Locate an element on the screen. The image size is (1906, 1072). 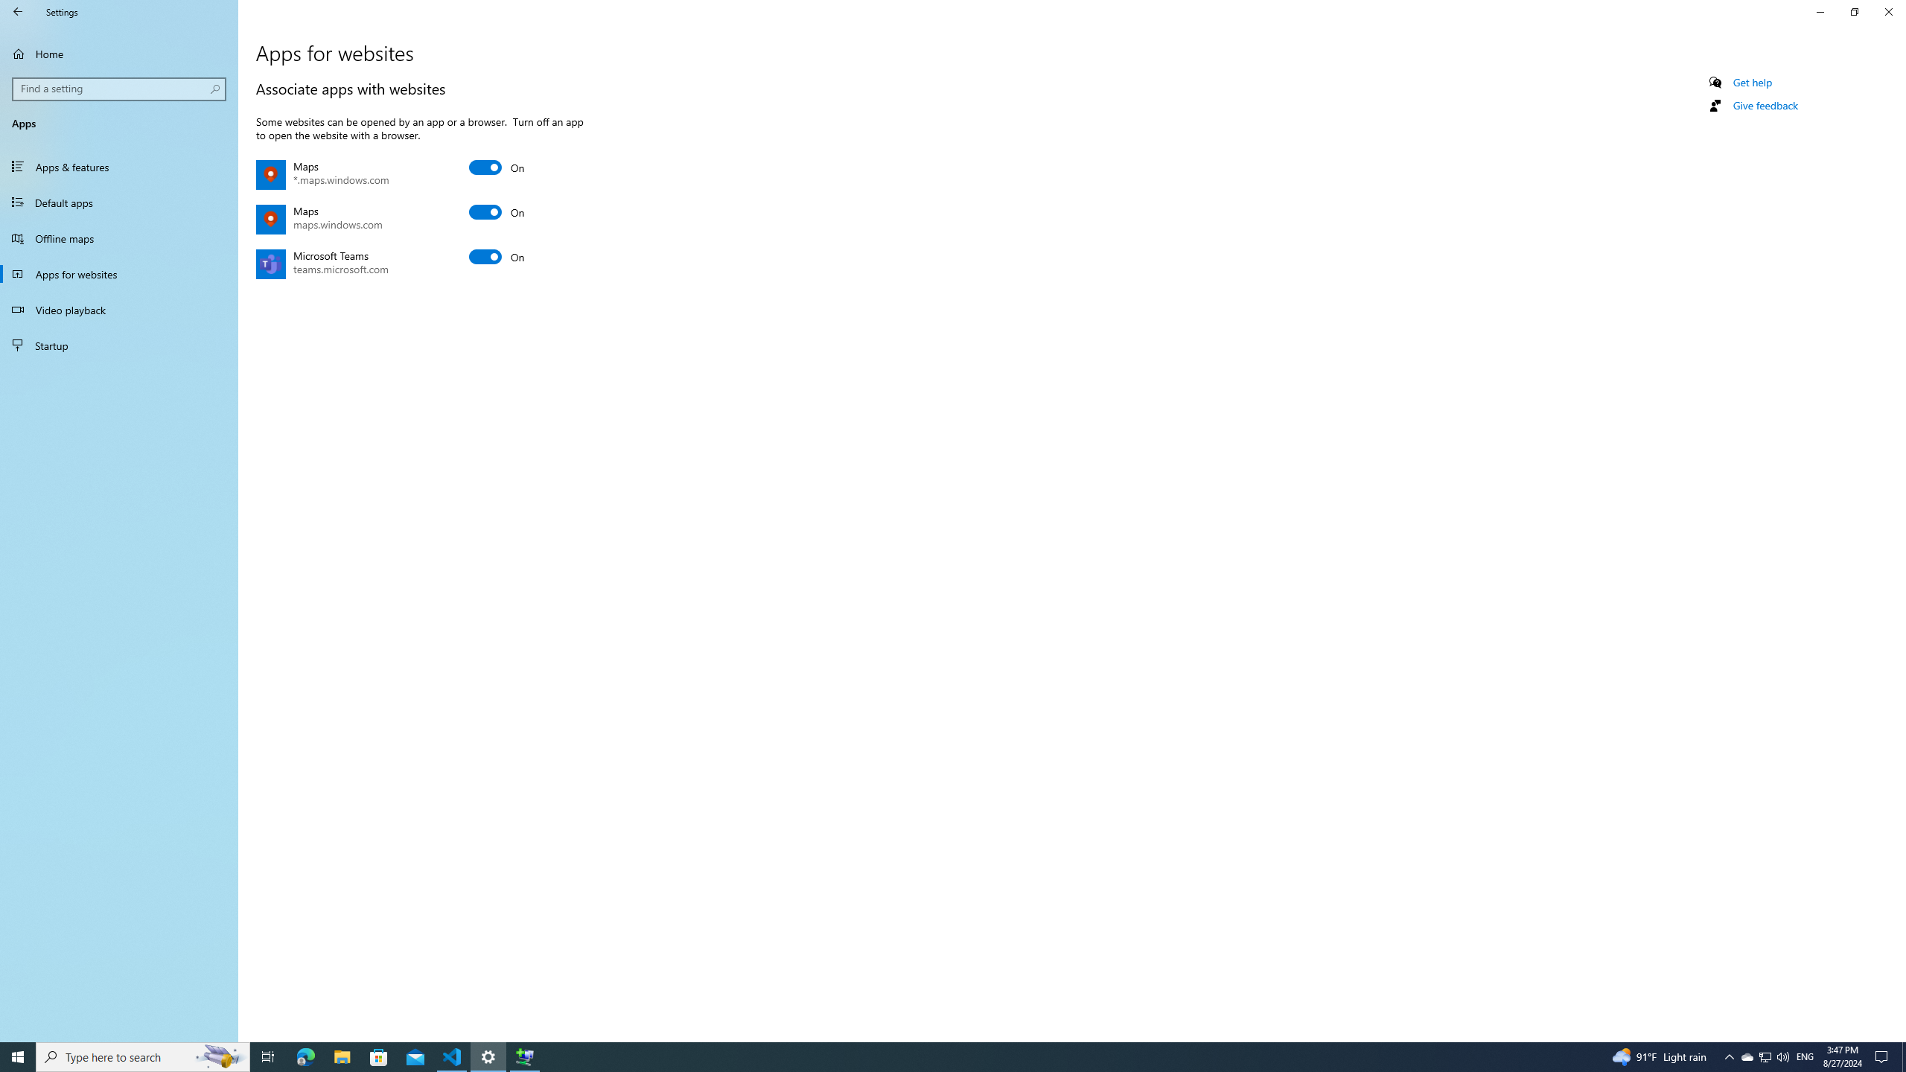
'Home' is located at coordinates (118, 54).